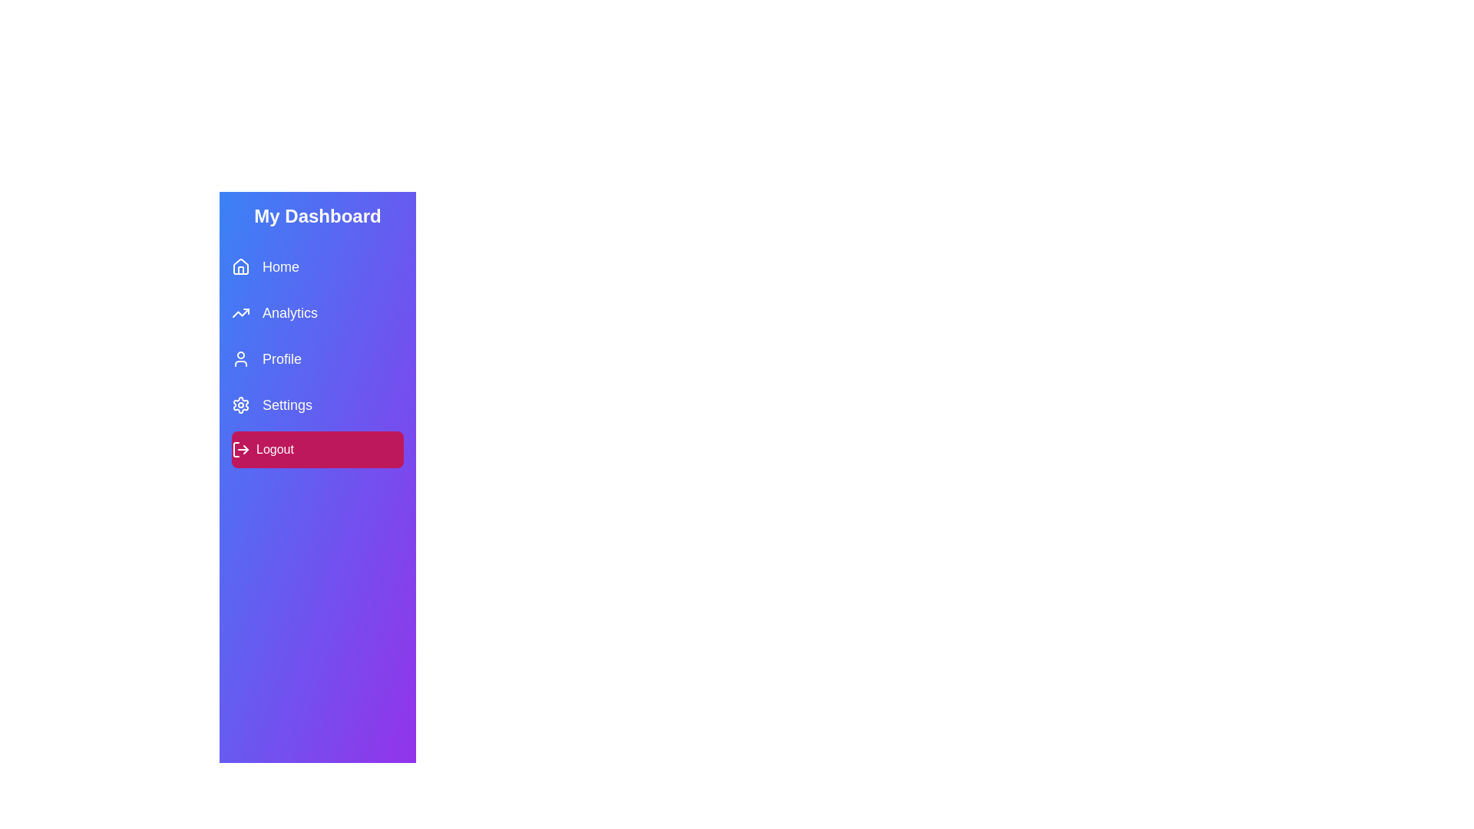 This screenshot has width=1474, height=829. What do you see at coordinates (287, 405) in the screenshot?
I see `the text label UI element that identifies the 'Settings' menu option located in the vertical navigation bar, which is the fourth item in the menu` at bounding box center [287, 405].